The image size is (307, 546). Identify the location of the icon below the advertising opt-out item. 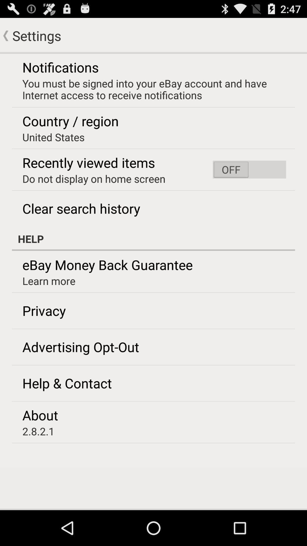
(67, 383).